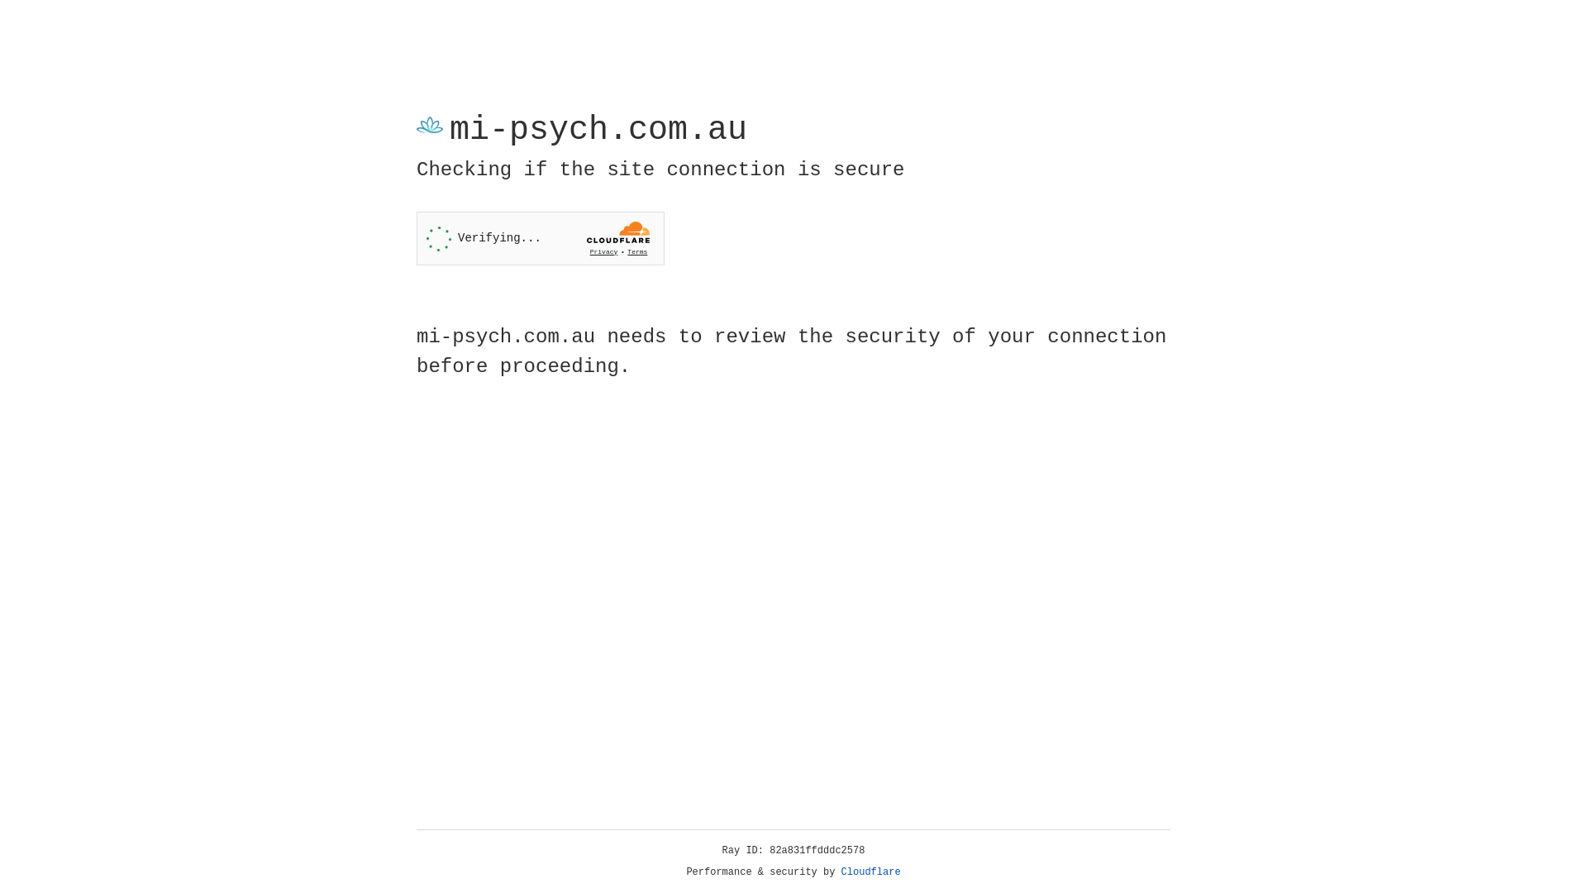 The image size is (1587, 893). What do you see at coordinates (841, 872) in the screenshot?
I see `'Cloudflare'` at bounding box center [841, 872].